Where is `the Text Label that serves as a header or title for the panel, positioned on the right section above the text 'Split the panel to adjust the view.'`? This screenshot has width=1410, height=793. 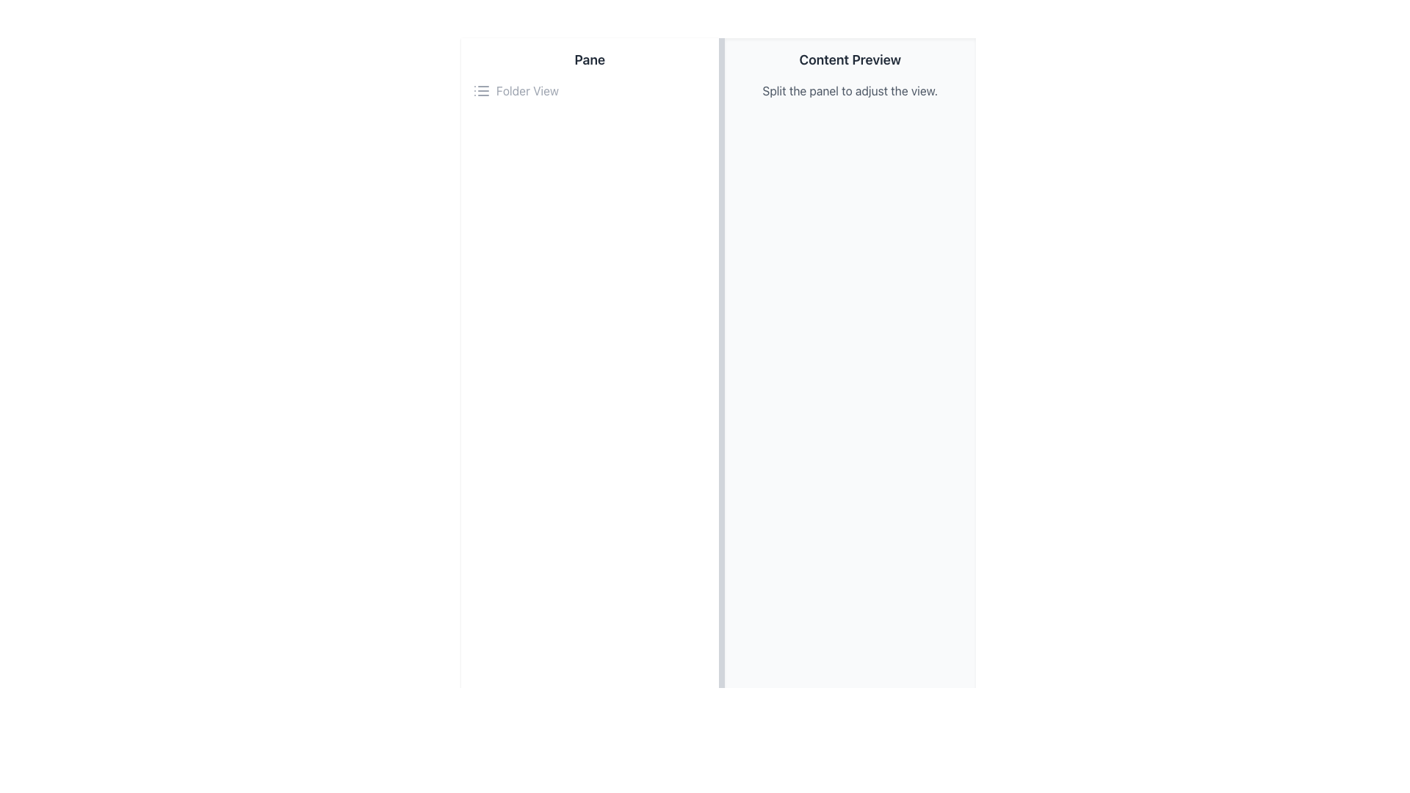
the Text Label that serves as a header or title for the panel, positioned on the right section above the text 'Split the panel to adjust the view.' is located at coordinates (850, 59).